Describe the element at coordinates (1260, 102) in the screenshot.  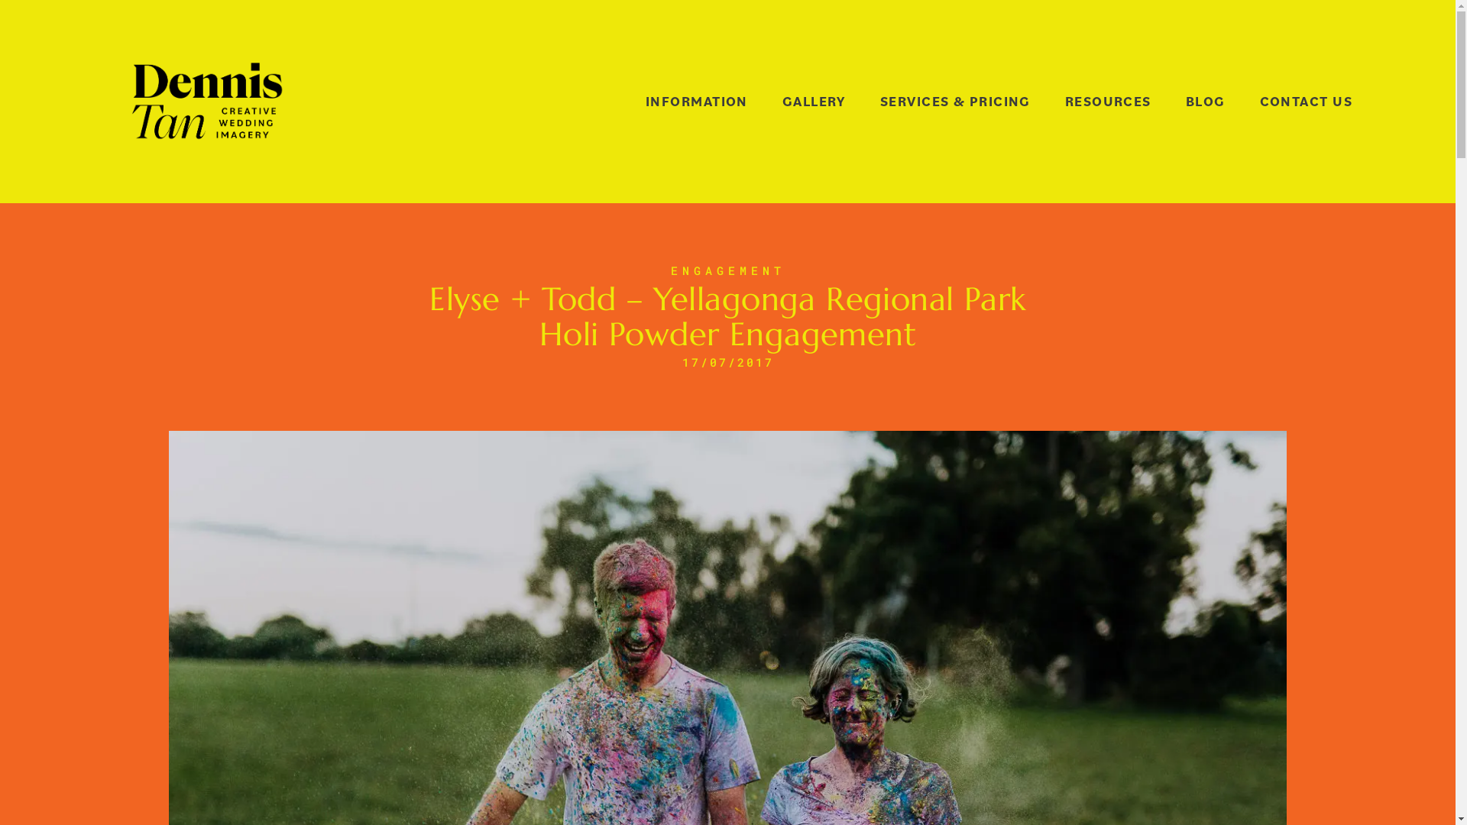
I see `'CONTACT US'` at that location.